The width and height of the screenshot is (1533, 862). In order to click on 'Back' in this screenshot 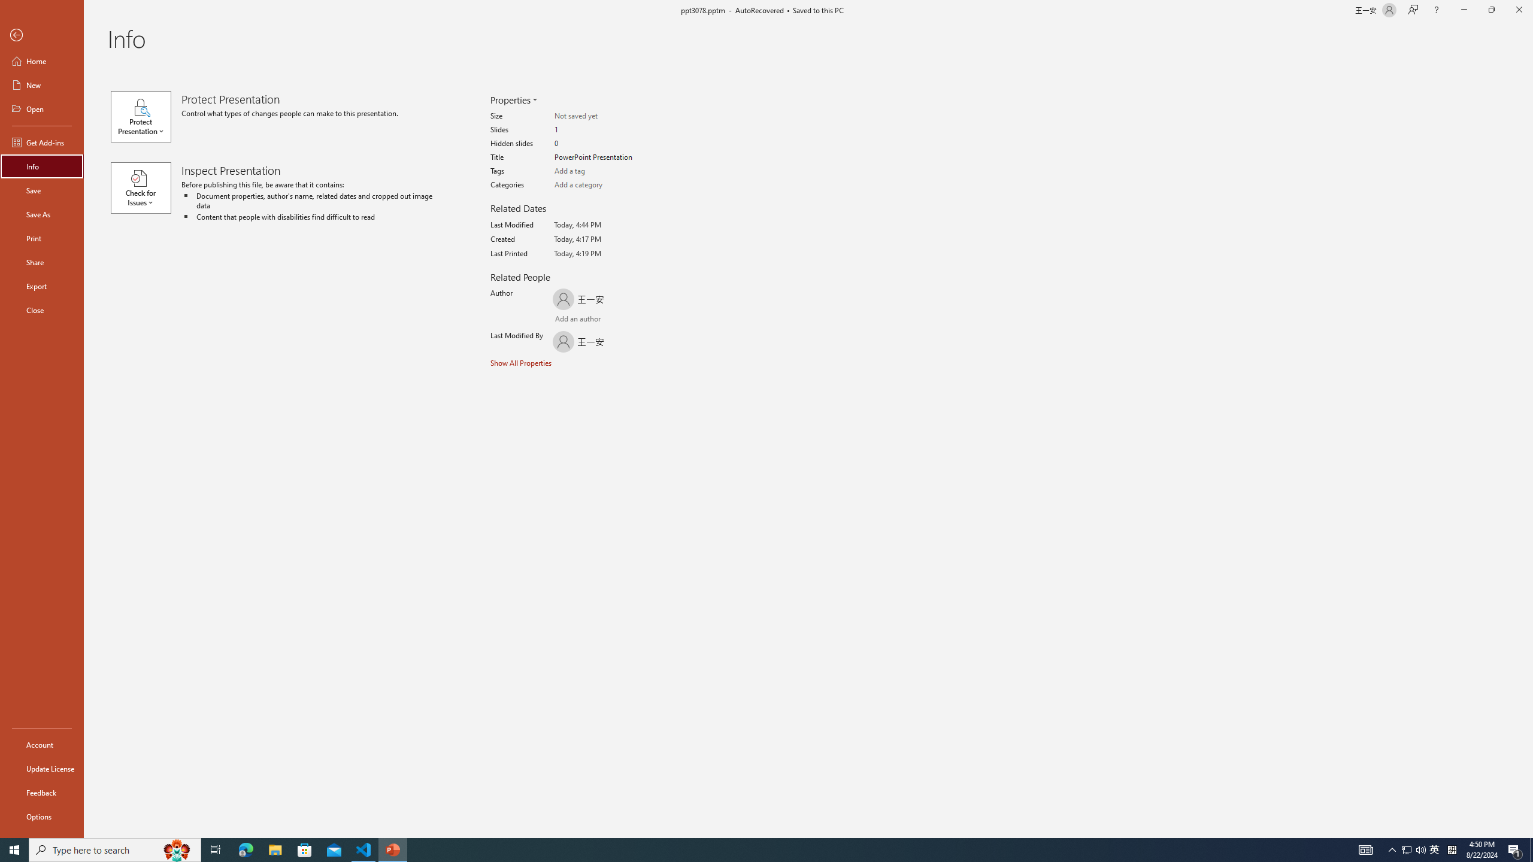, I will do `click(41, 35)`.